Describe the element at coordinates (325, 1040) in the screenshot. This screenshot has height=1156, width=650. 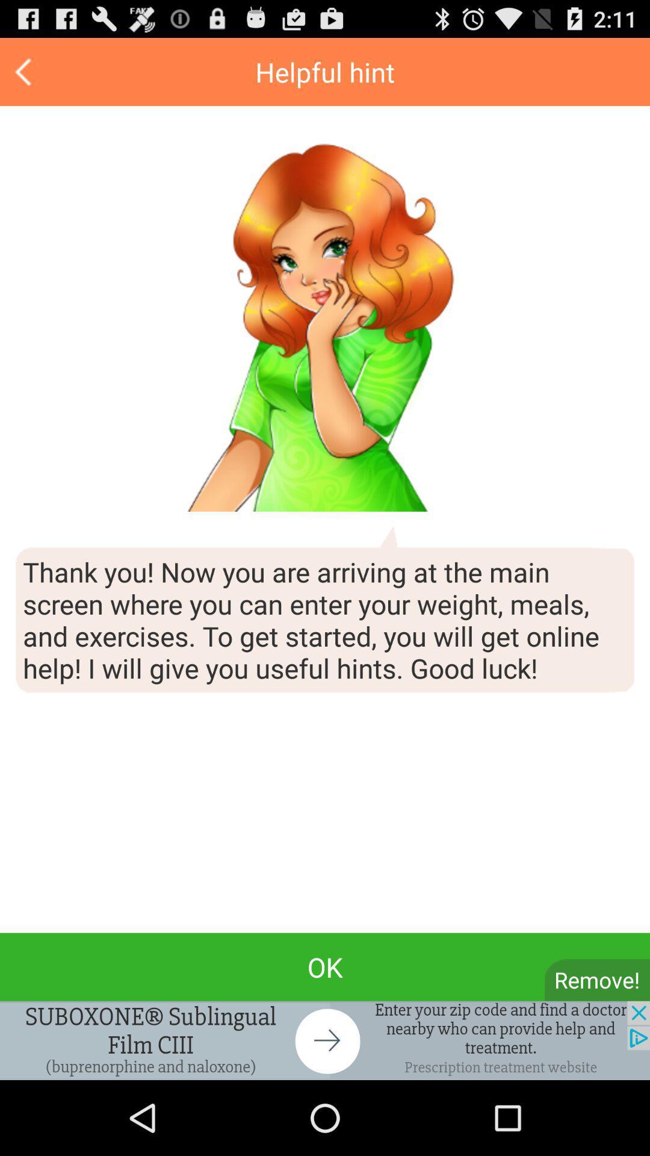
I see `advertisement` at that location.